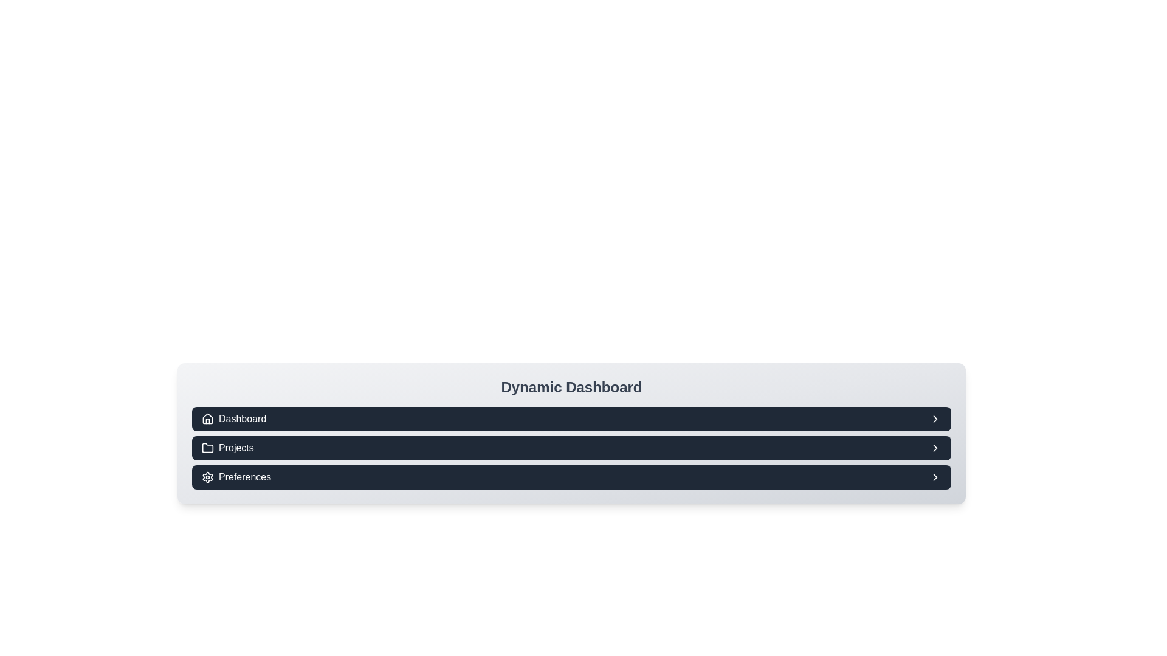 The image size is (1167, 656). I want to click on the third navigation button, so click(571, 477).